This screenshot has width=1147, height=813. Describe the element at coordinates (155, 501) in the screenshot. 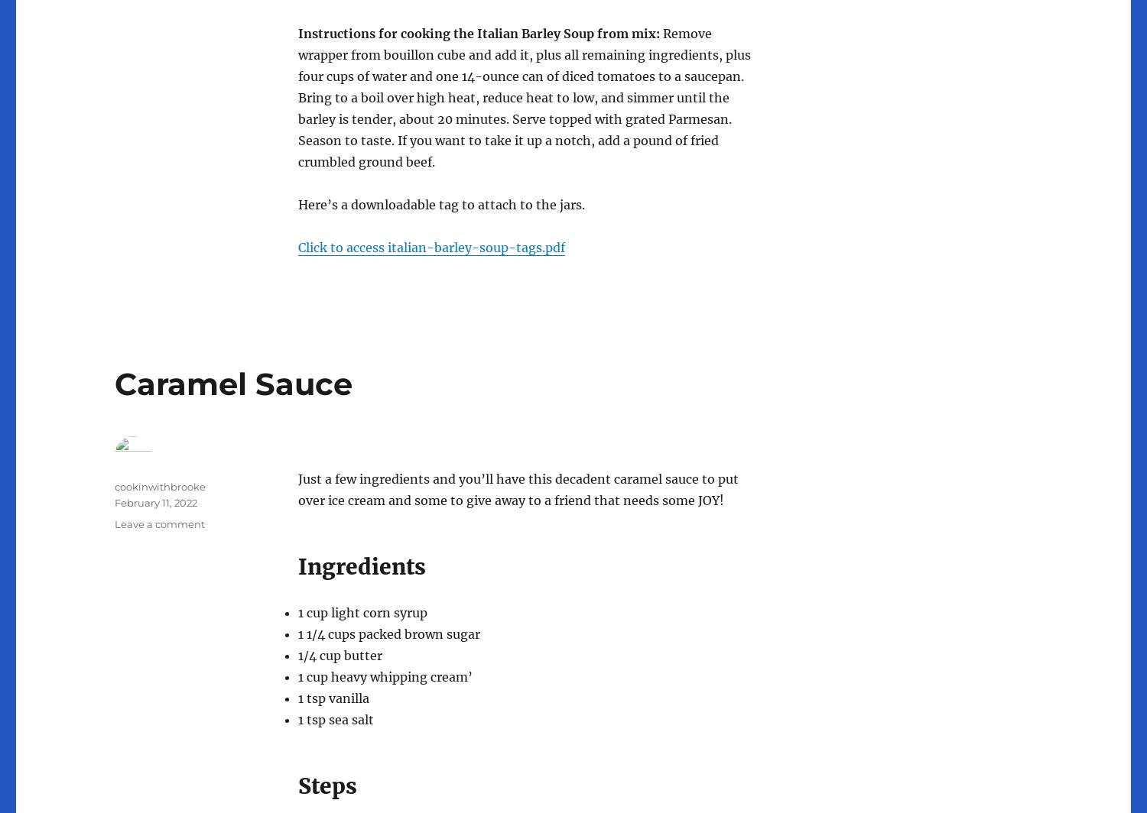

I see `'February 11, 2022'` at that location.